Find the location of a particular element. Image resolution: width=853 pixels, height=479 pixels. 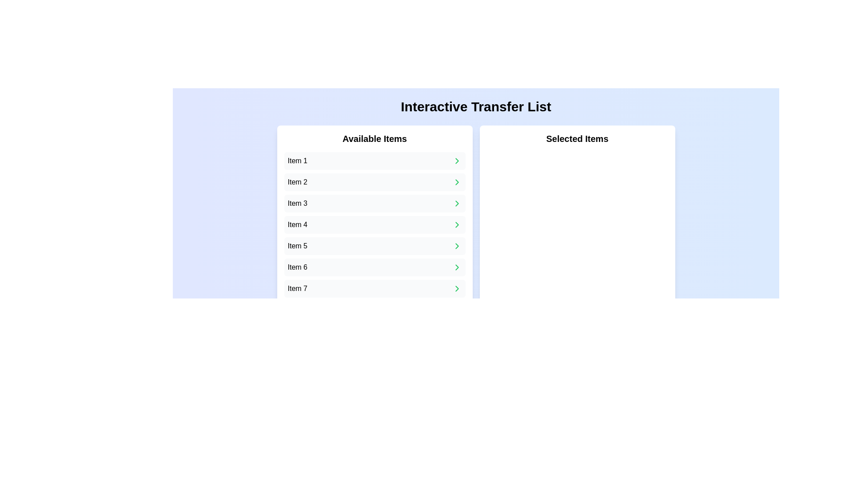

on the 'Item 4' text label is located at coordinates (297, 224).